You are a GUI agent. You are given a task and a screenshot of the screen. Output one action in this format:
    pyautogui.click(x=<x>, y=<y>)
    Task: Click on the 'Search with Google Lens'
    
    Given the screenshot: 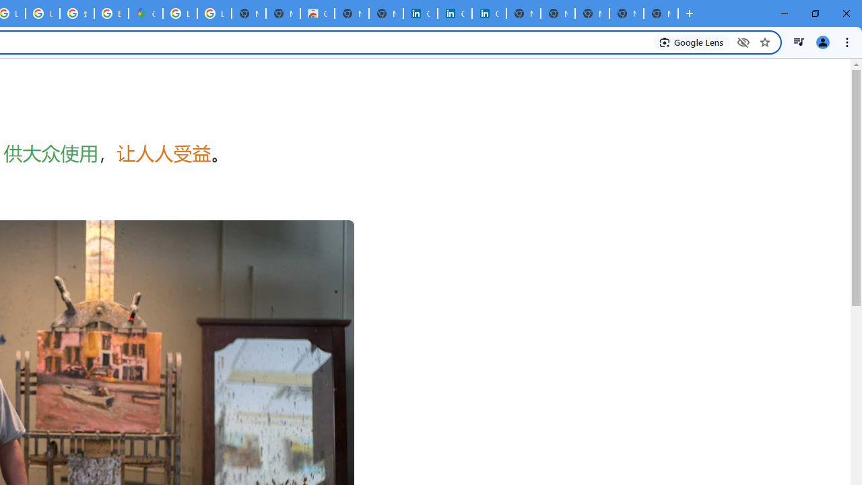 What is the action you would take?
    pyautogui.click(x=692, y=41)
    